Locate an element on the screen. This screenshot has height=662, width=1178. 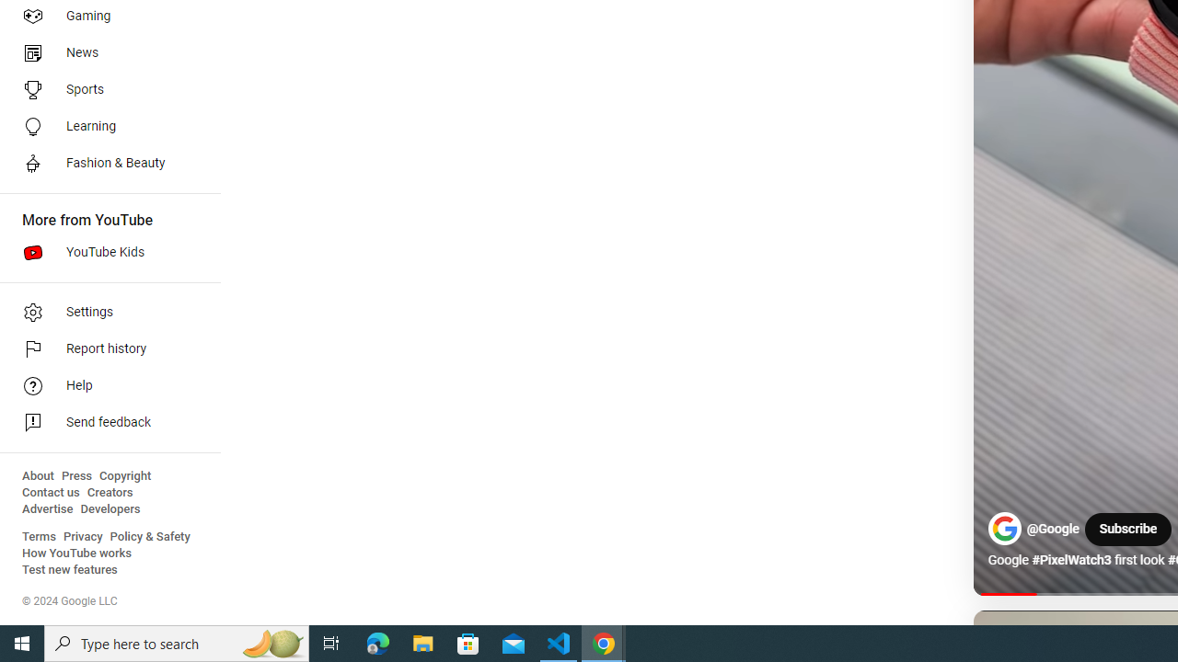
'Advertise' is located at coordinates (47, 509).